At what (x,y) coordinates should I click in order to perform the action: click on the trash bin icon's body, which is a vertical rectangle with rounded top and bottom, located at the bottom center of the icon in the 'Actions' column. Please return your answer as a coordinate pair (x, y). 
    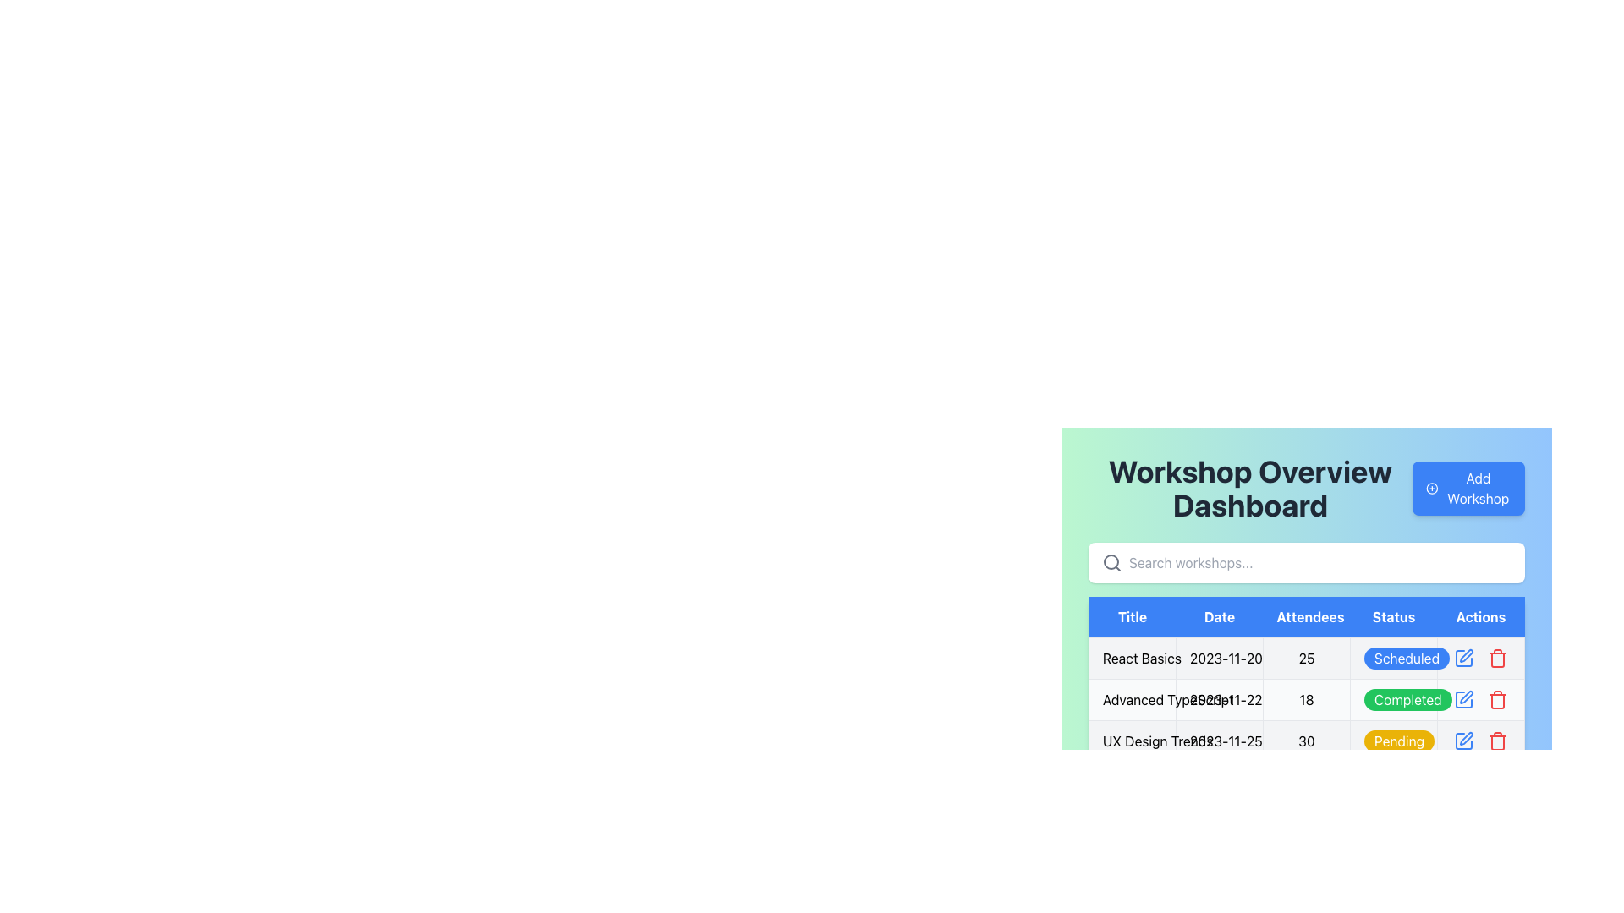
    Looking at the image, I should click on (1498, 659).